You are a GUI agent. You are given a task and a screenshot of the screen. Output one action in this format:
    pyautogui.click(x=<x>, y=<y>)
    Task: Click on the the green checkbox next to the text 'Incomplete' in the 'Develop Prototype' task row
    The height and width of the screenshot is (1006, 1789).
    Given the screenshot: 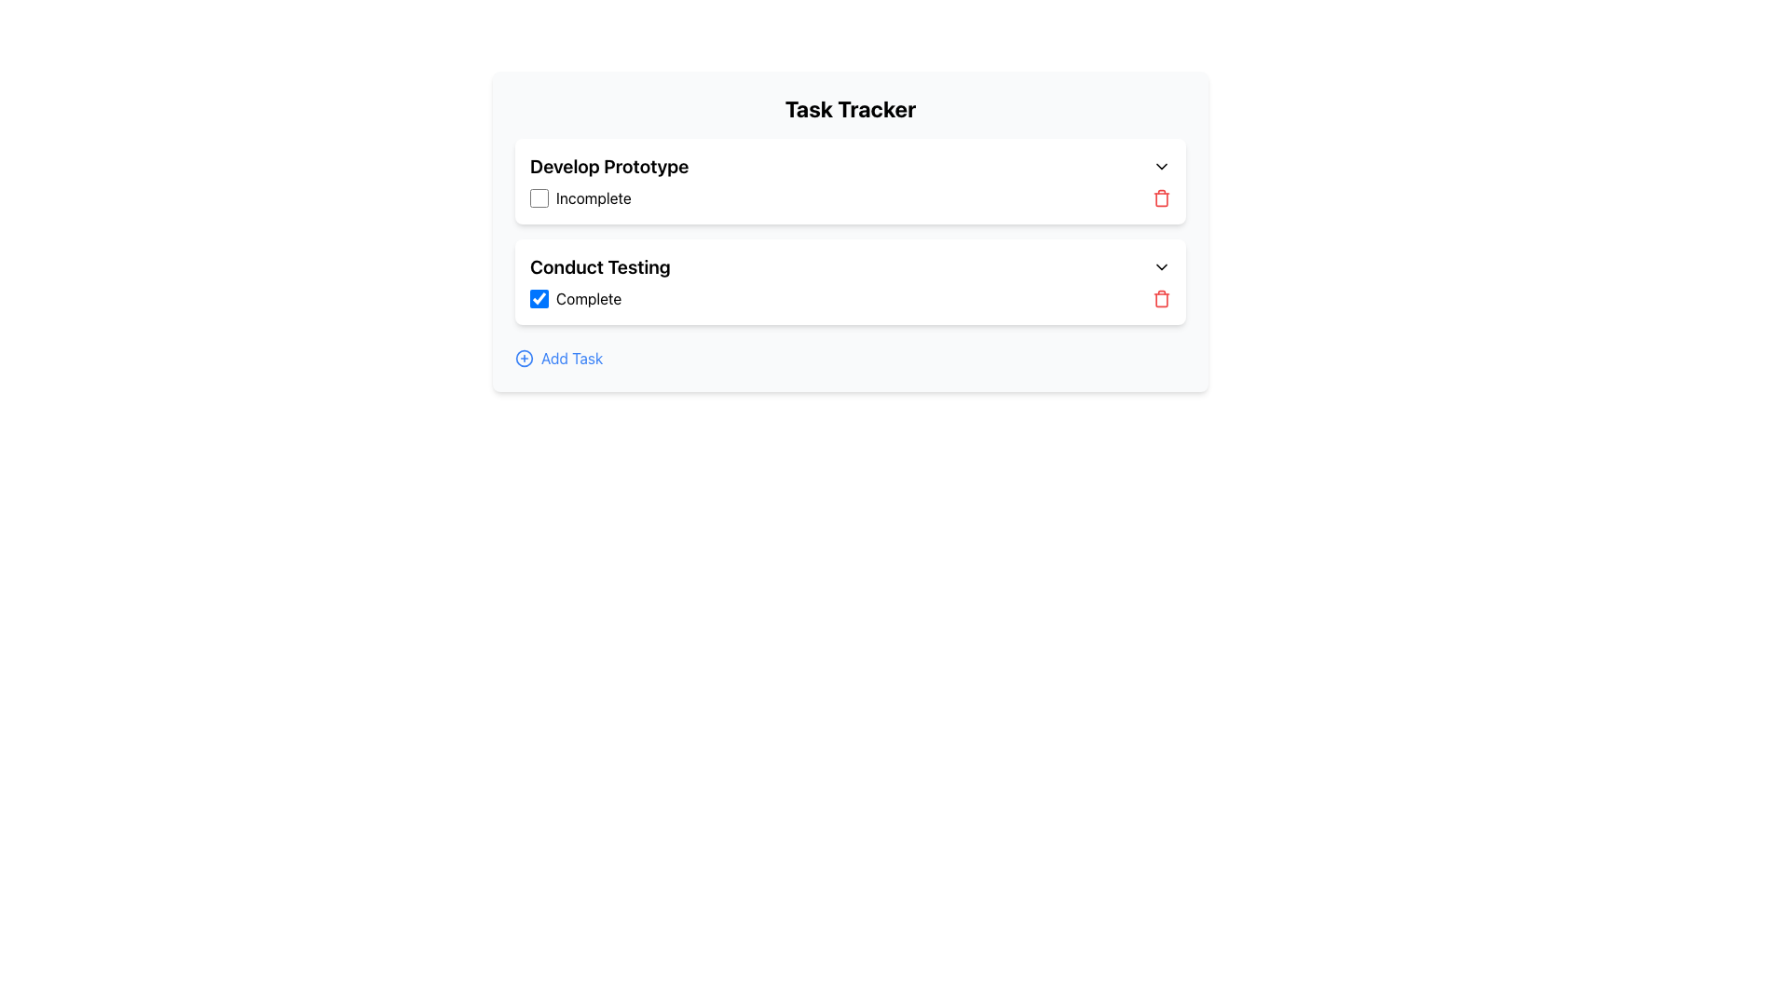 What is the action you would take?
    pyautogui.click(x=539, y=197)
    